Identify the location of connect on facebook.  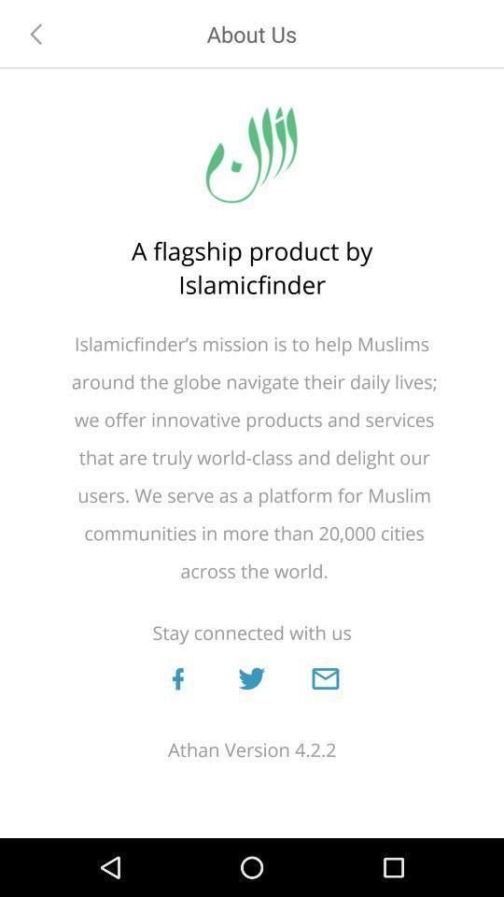
(177, 677).